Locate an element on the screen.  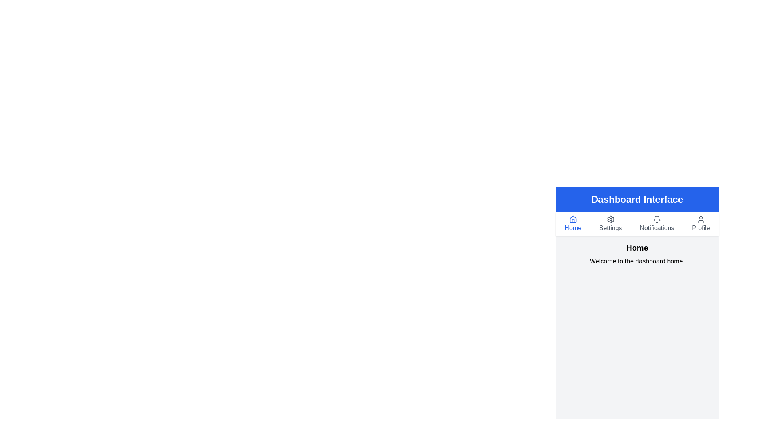
the 'Settings' text label in the navigation menu, which is the second item from the left, located below the 'Dashboard Interface' header is located at coordinates (610, 228).